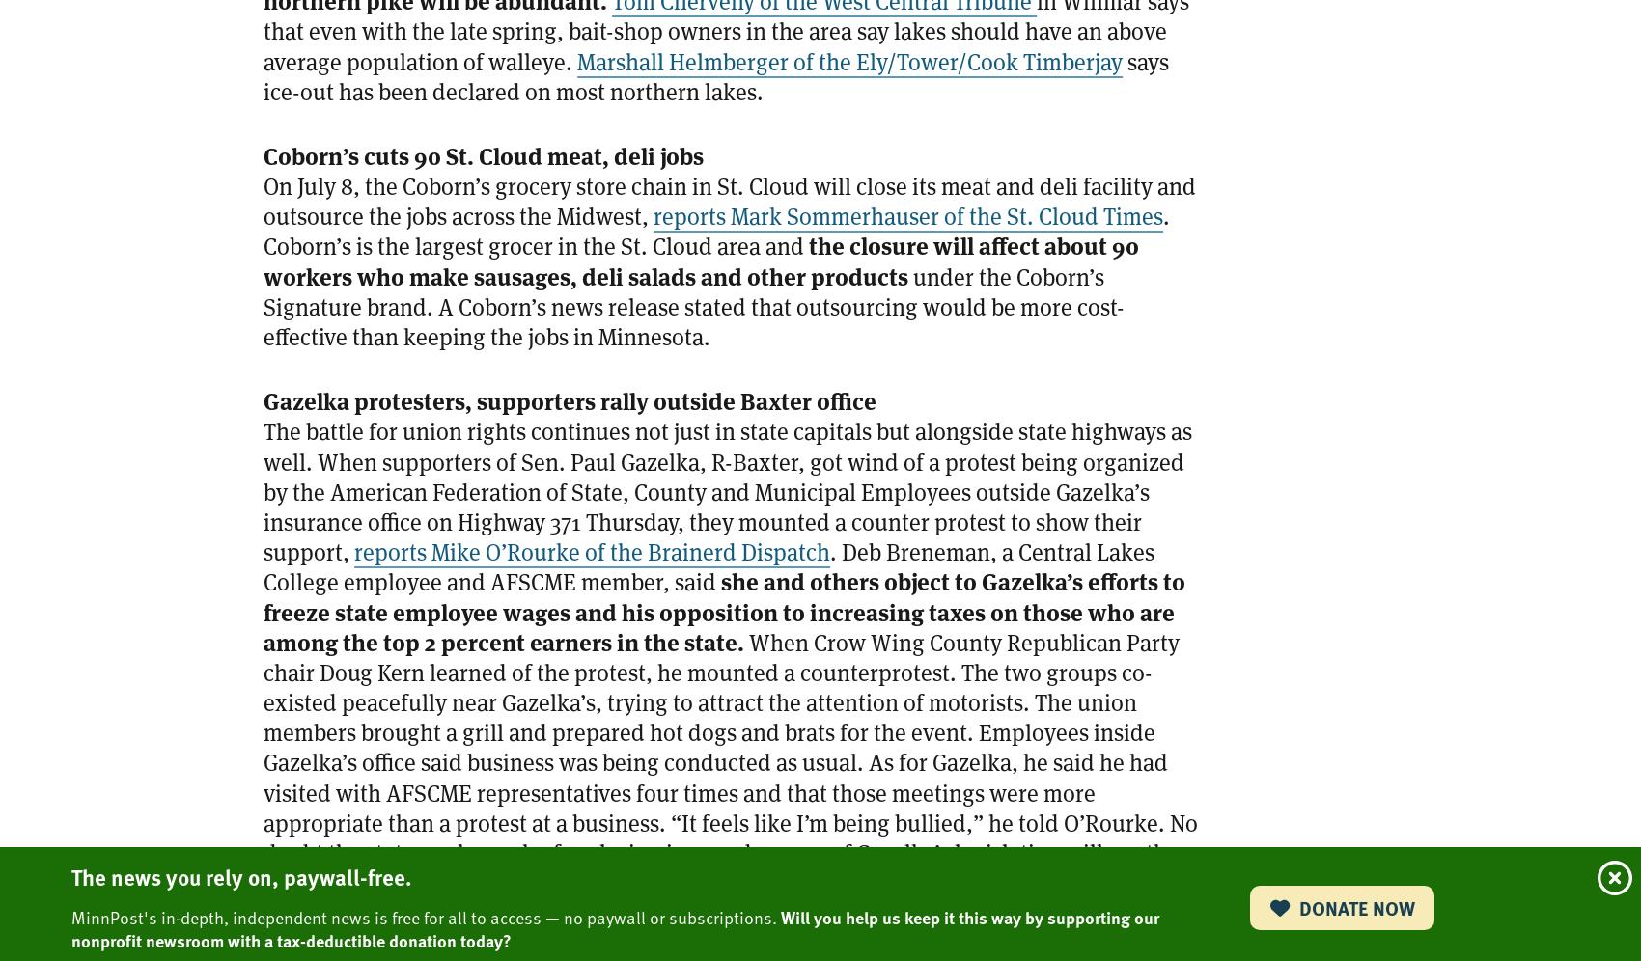  Describe the element at coordinates (726, 491) in the screenshot. I see `'The battle for union rights continues not just in state capitals but alongside state highways as well. When supporters of Sen. Paul Gazelka, R-Baxter, got wind of a protest being organized by the American Federation of State, County and Municipal Employees outside Gazelka’s insurance office on Highway 371 Thursday, they mounted a counter protest to show their support,'` at that location.